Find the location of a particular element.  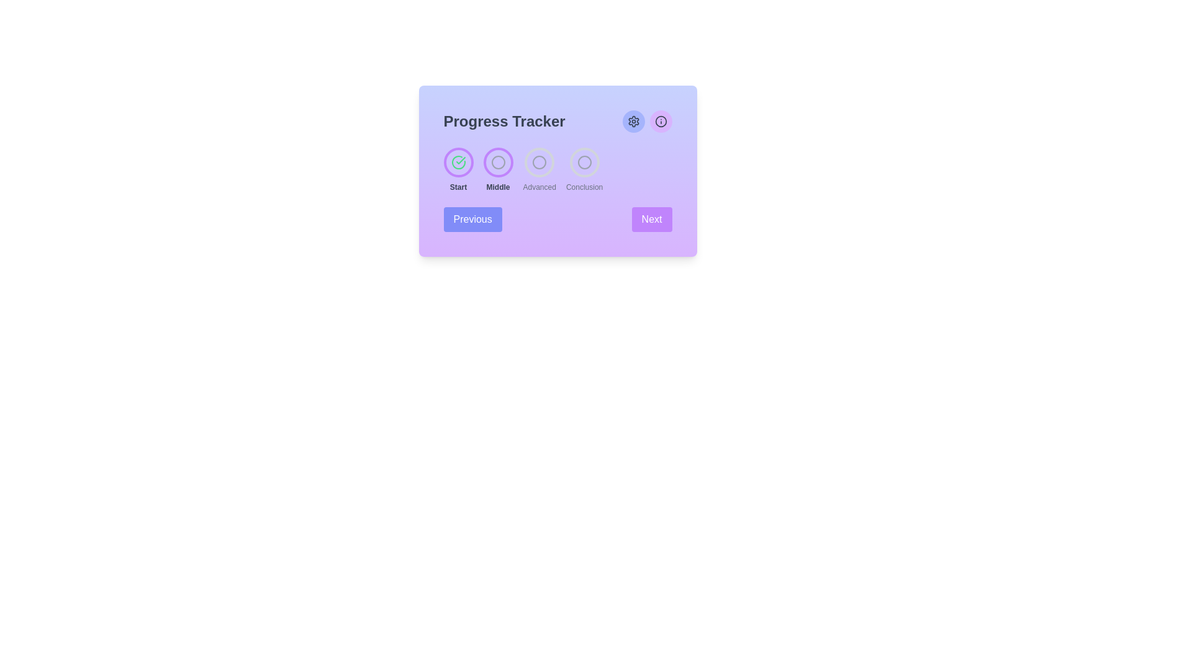

the step indicator labeled 'Conclusion' in the progression tracker, which is the fourth item in the horizontal sequence, located between 'Advanced' and the 'Next' button is located at coordinates (584, 169).